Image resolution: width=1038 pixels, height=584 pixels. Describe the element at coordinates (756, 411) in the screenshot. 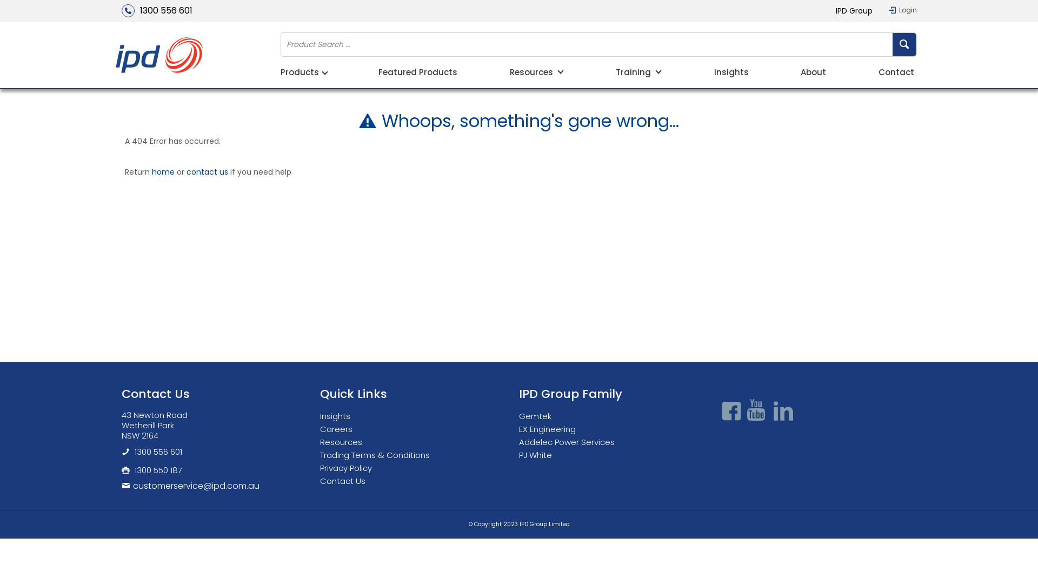

I see `'YouTube'` at that location.